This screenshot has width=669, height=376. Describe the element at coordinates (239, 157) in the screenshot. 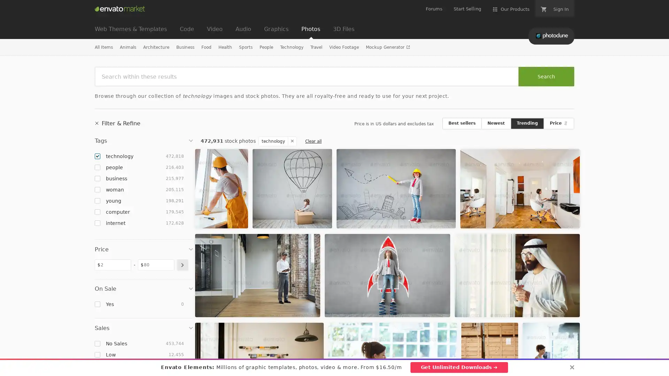

I see `Add to Favorites` at that location.